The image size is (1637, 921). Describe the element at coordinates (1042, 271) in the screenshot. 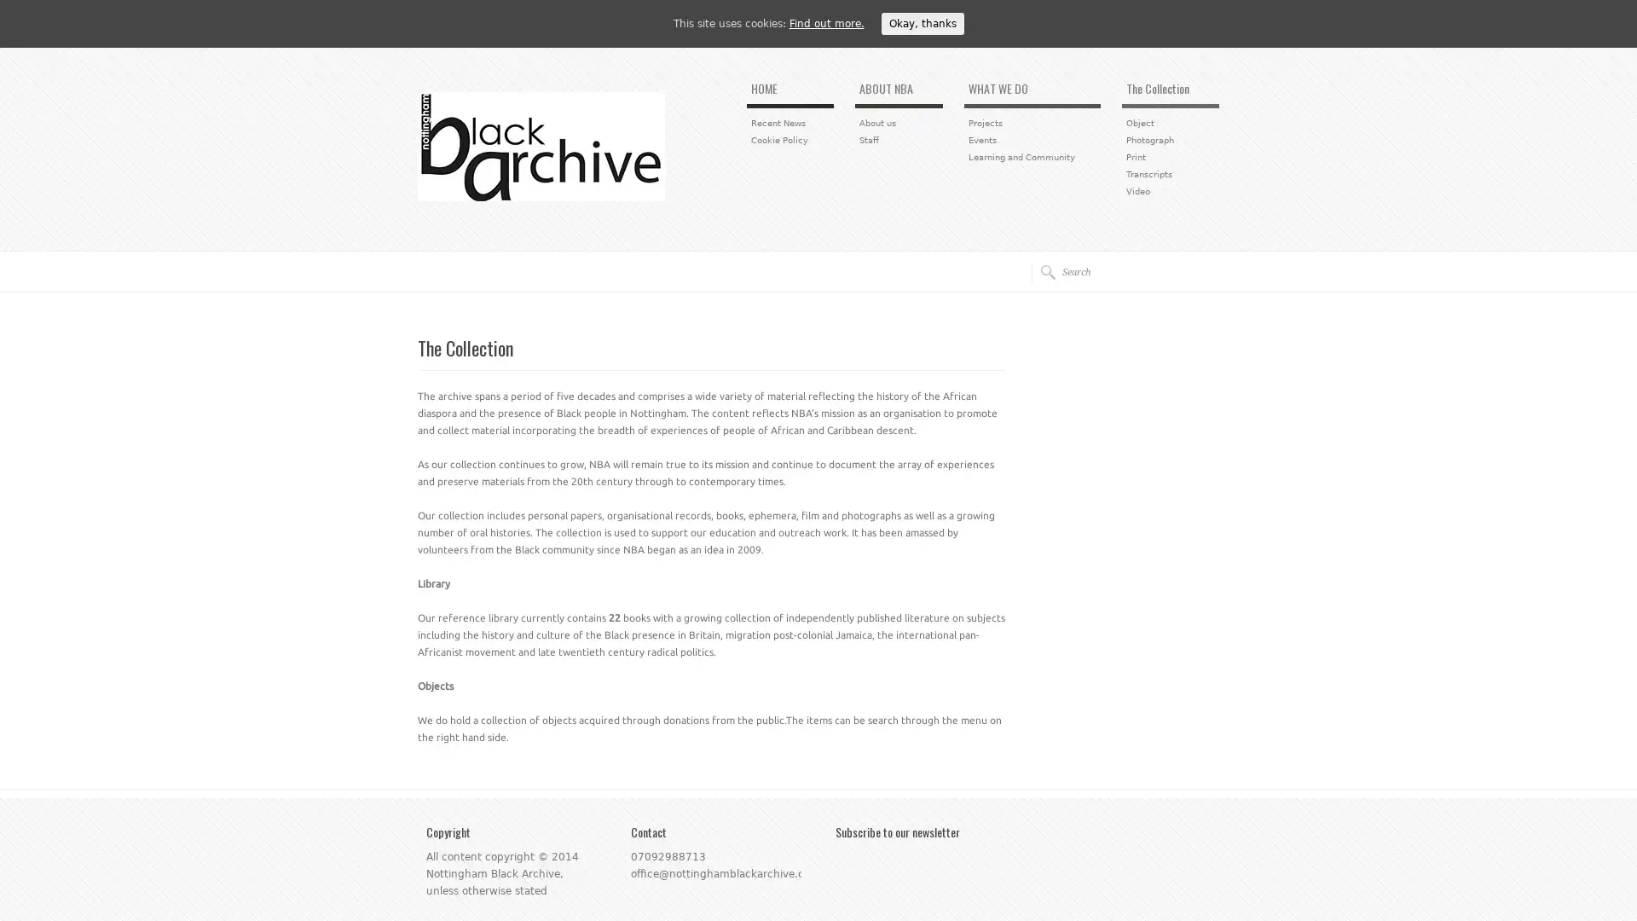

I see `Search` at that location.